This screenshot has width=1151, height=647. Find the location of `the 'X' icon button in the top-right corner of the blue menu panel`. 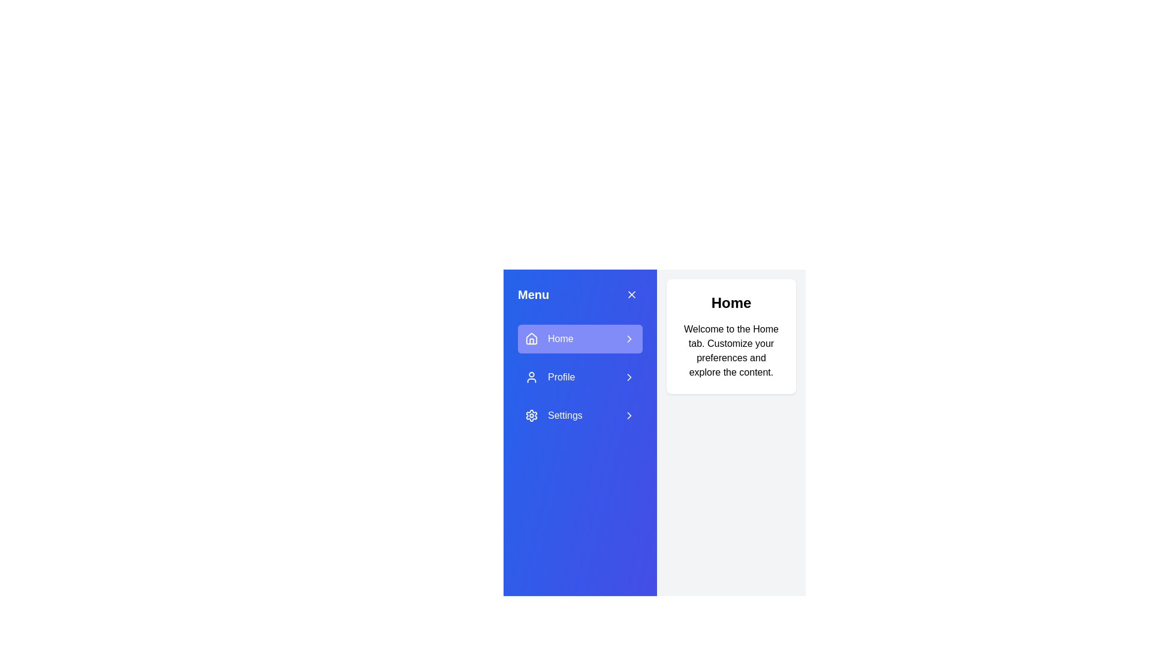

the 'X' icon button in the top-right corner of the blue menu panel is located at coordinates (631, 295).